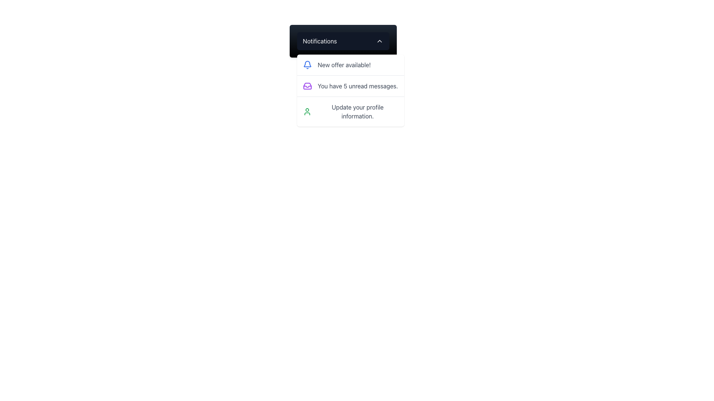  What do you see at coordinates (344, 64) in the screenshot?
I see `the text label indicating a new offer in the first notification entry of the dropdown panel titled 'Notifications', located horizontally beside a blue bell icon` at bounding box center [344, 64].